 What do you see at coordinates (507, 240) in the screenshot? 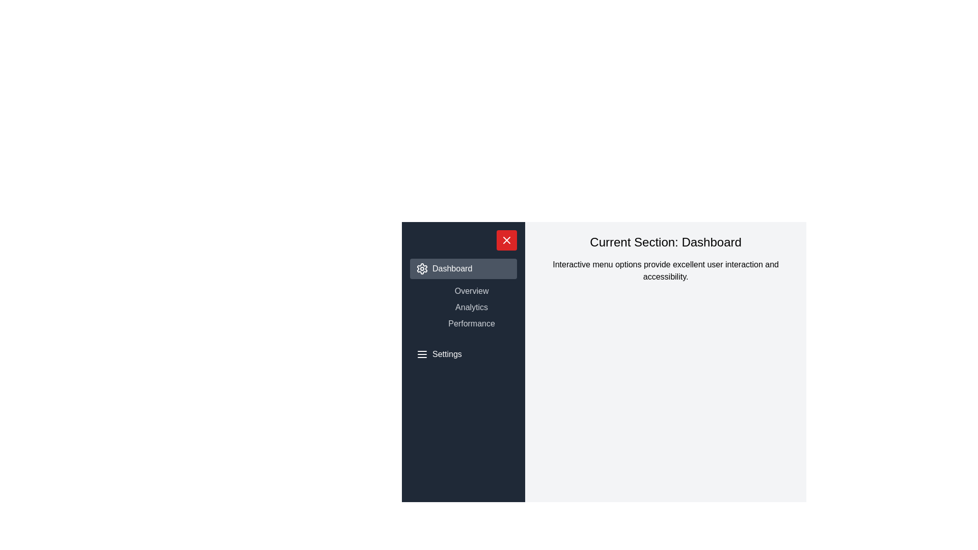
I see `the button located in the top-right corner of the sidebar panel` at bounding box center [507, 240].